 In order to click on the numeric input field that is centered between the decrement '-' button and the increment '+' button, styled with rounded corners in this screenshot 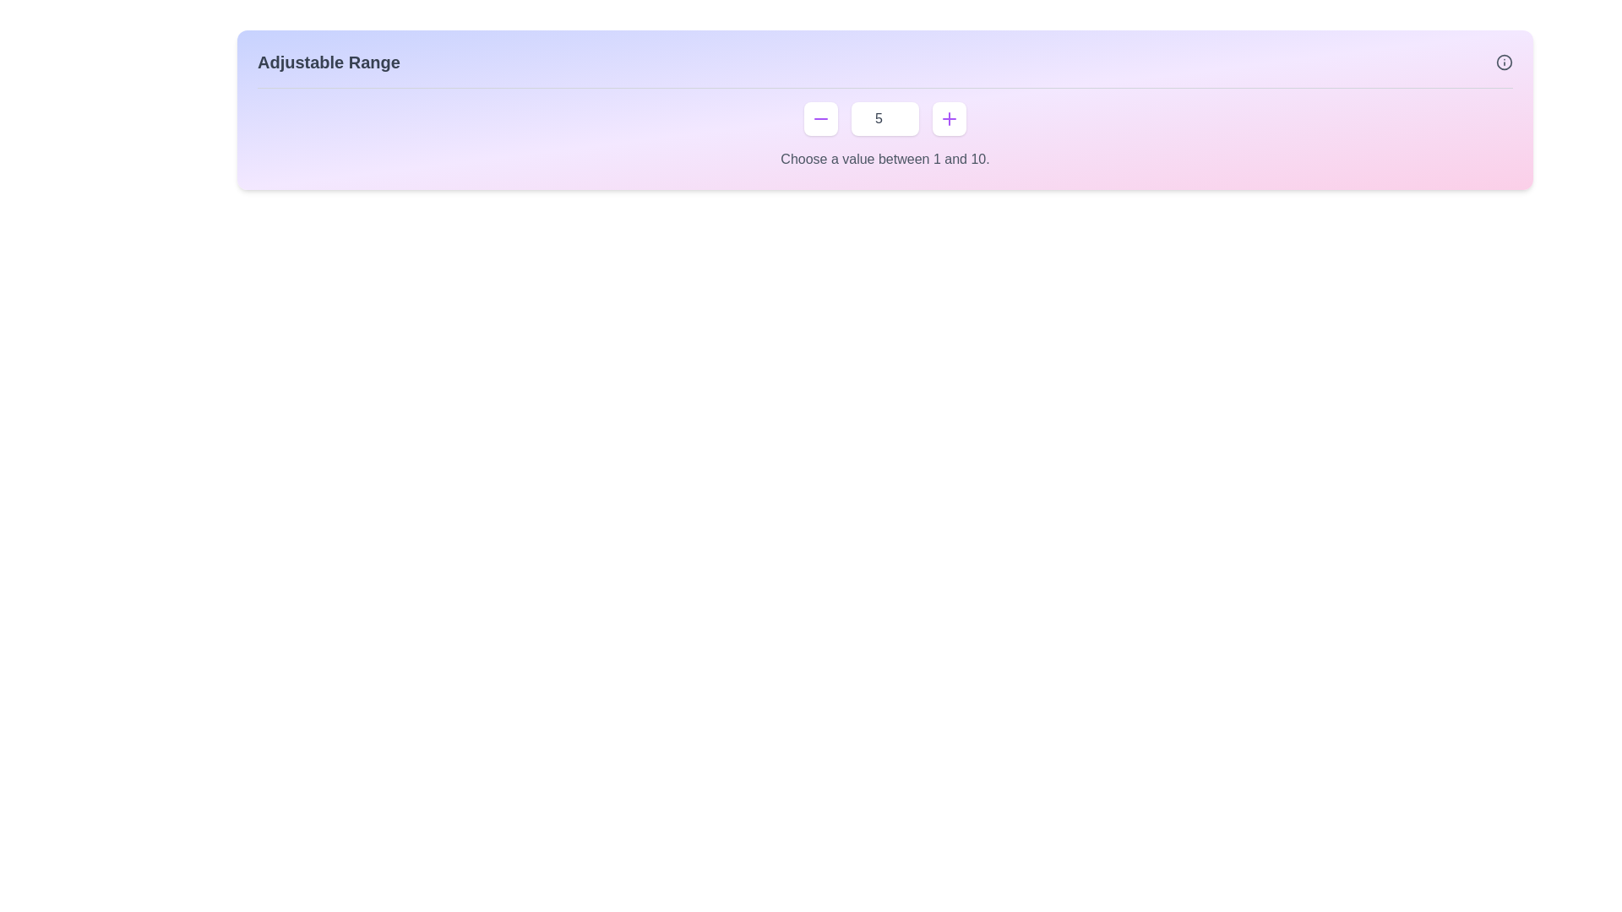, I will do `click(884, 118)`.